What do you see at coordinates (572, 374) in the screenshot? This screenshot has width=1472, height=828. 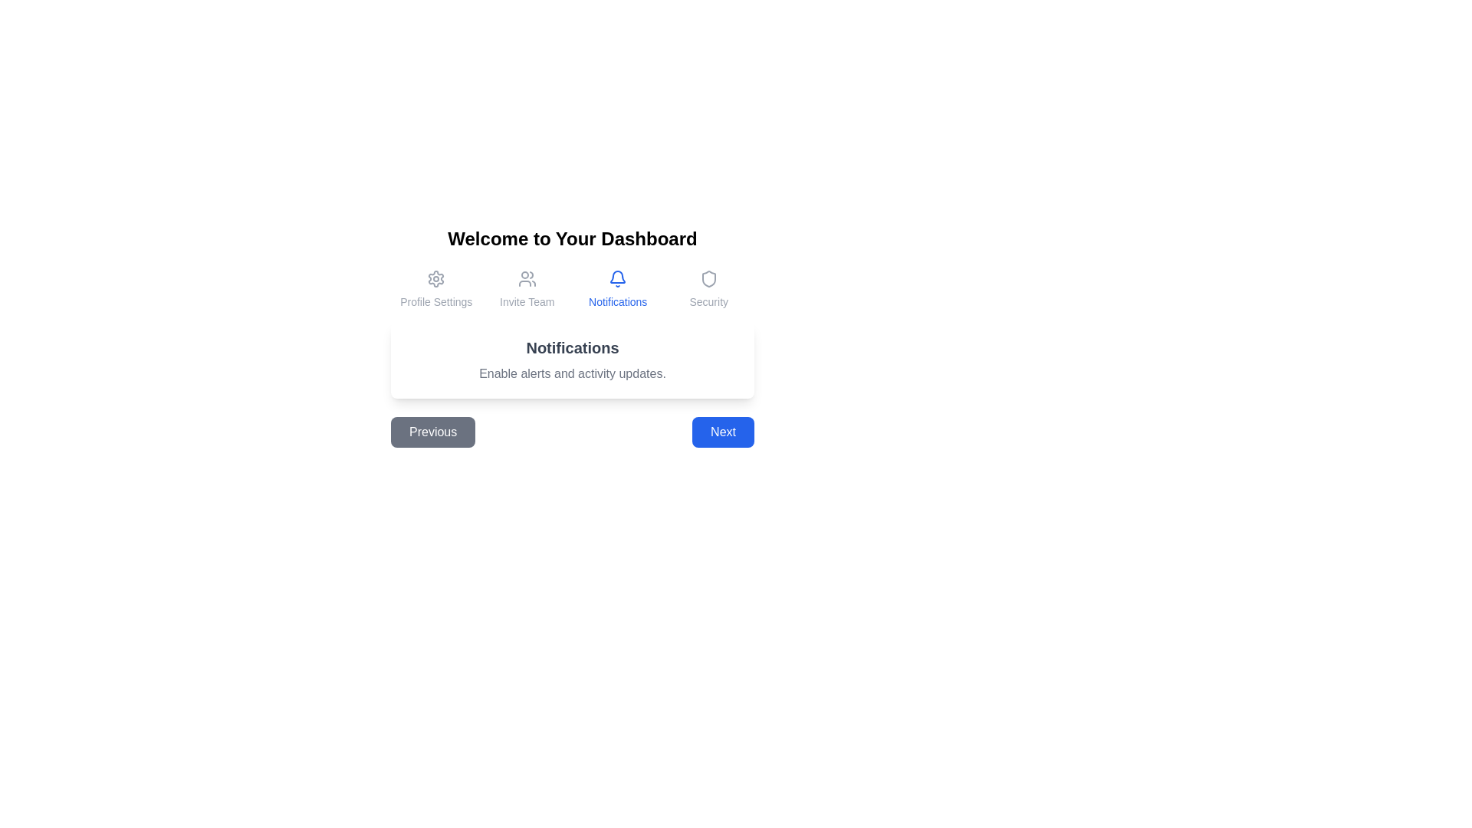 I see `the Text Label displaying 'Enable alerts and activity updates.' which is located below the 'Notifications' heading` at bounding box center [572, 374].